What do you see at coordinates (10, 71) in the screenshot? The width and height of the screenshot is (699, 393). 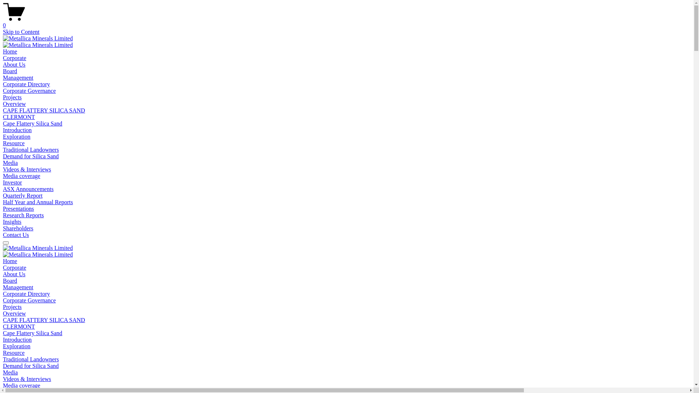 I see `'Board'` at bounding box center [10, 71].